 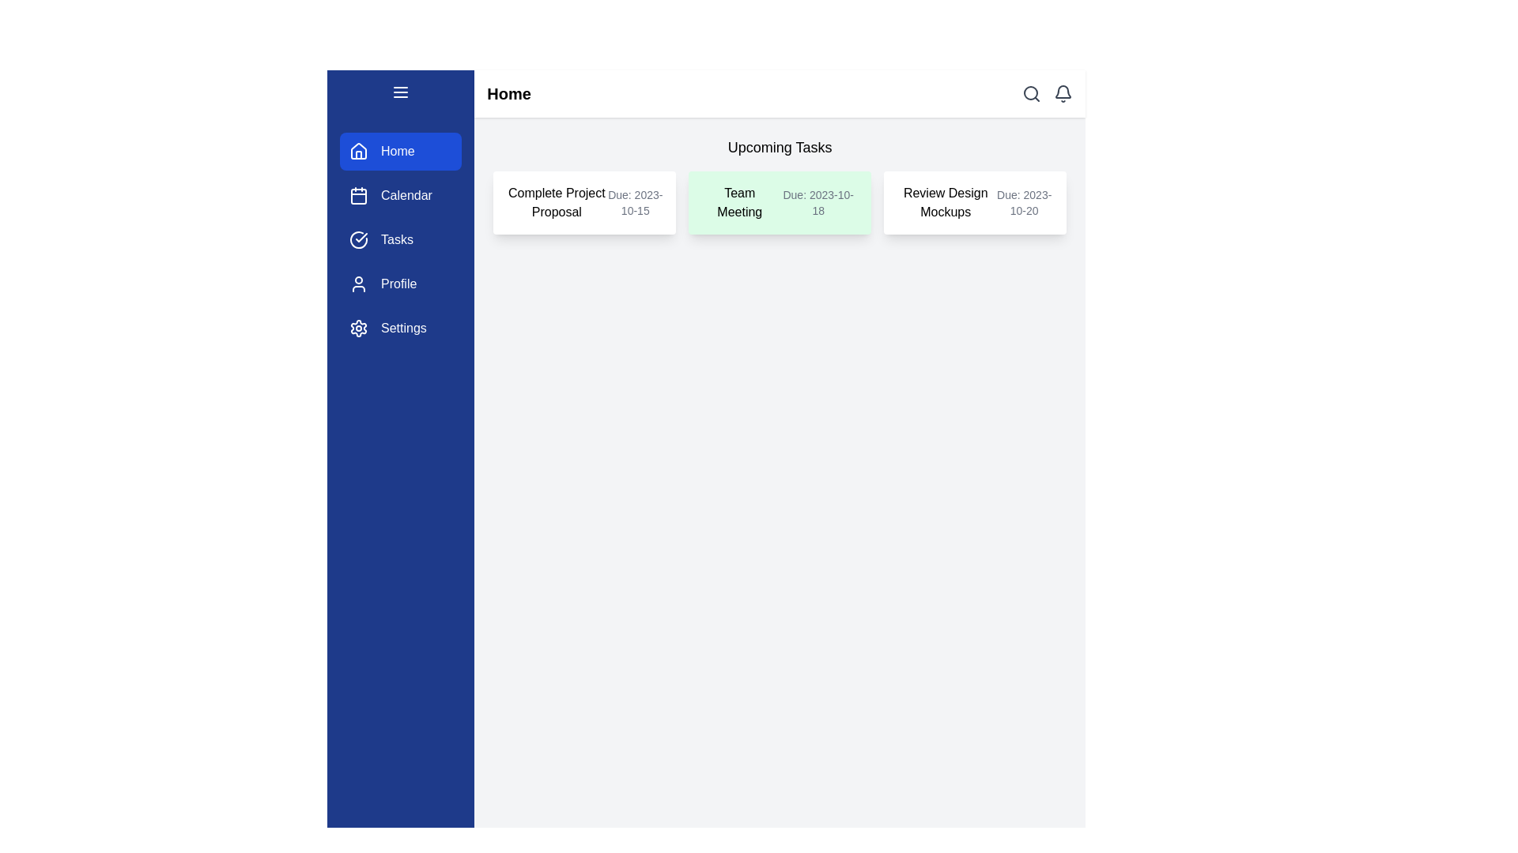 I want to click on the bold, black text label displaying 'Home', which is located at the top left of the page within a white banner, so click(x=508, y=94).